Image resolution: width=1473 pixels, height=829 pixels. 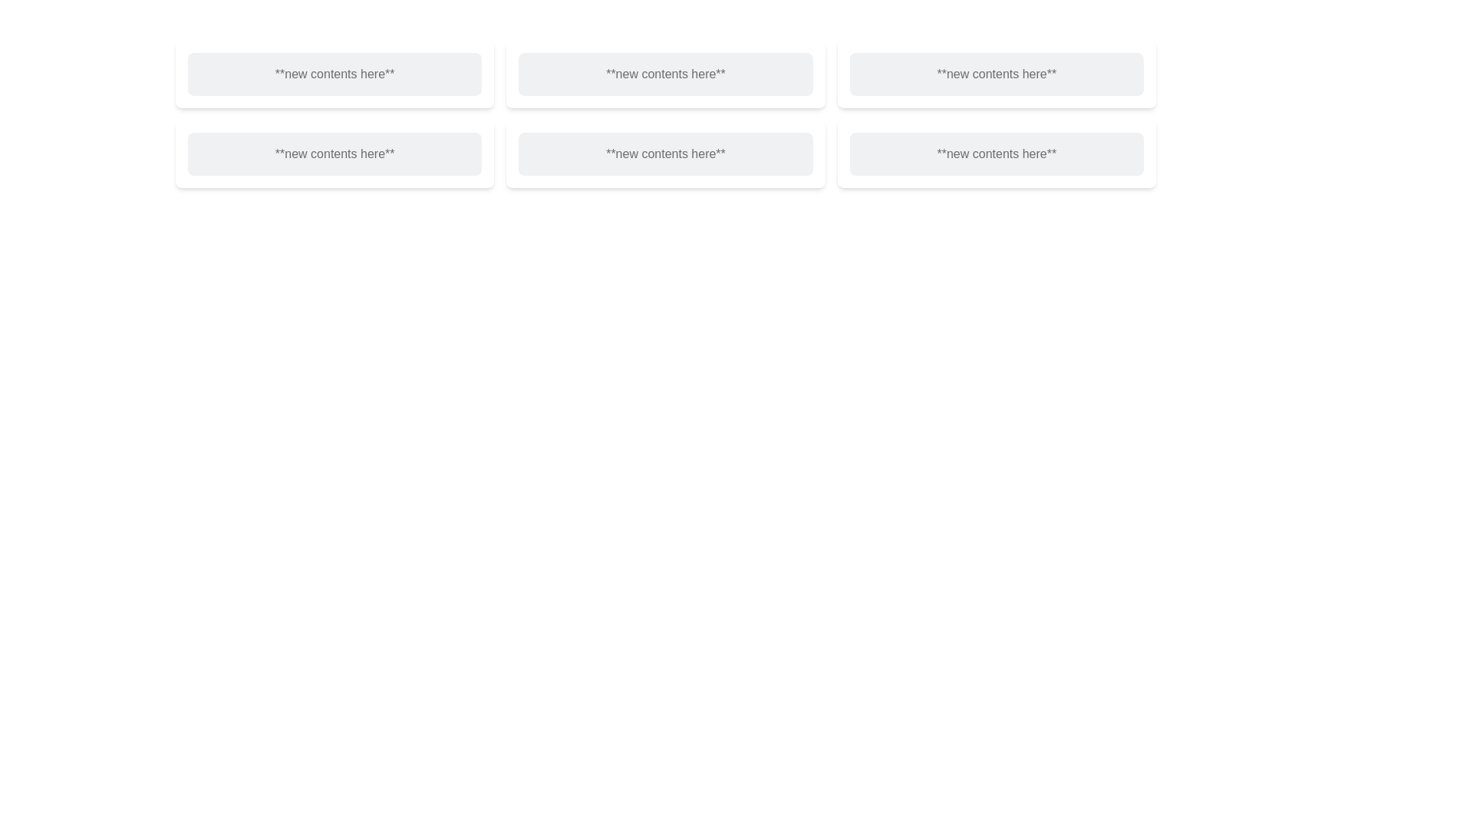 What do you see at coordinates (666, 154) in the screenshot?
I see `the rectangular card with a light gray background and bold text '**new contents here**' located in the second row, second column of the grid layout` at bounding box center [666, 154].